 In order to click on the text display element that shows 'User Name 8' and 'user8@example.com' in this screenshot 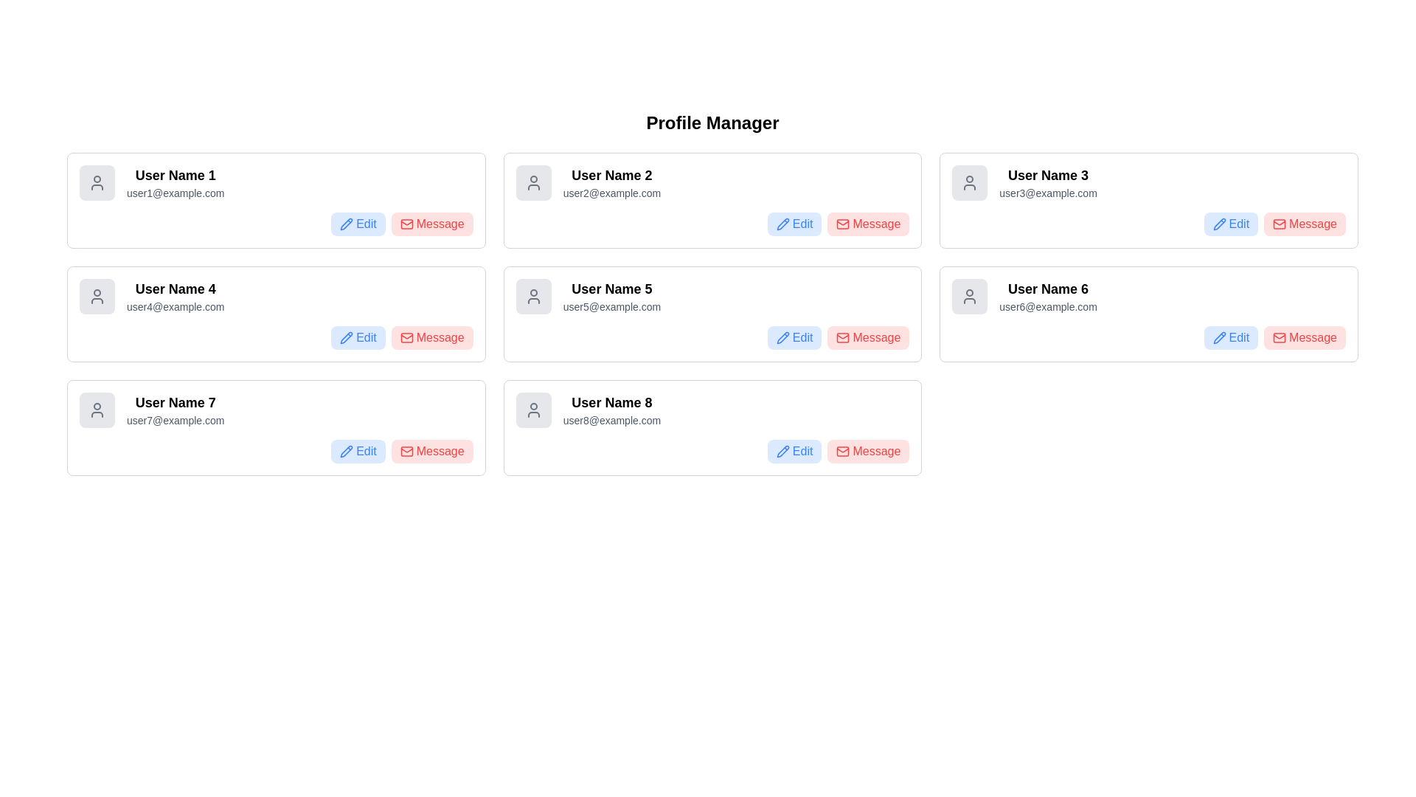, I will do `click(611, 410)`.